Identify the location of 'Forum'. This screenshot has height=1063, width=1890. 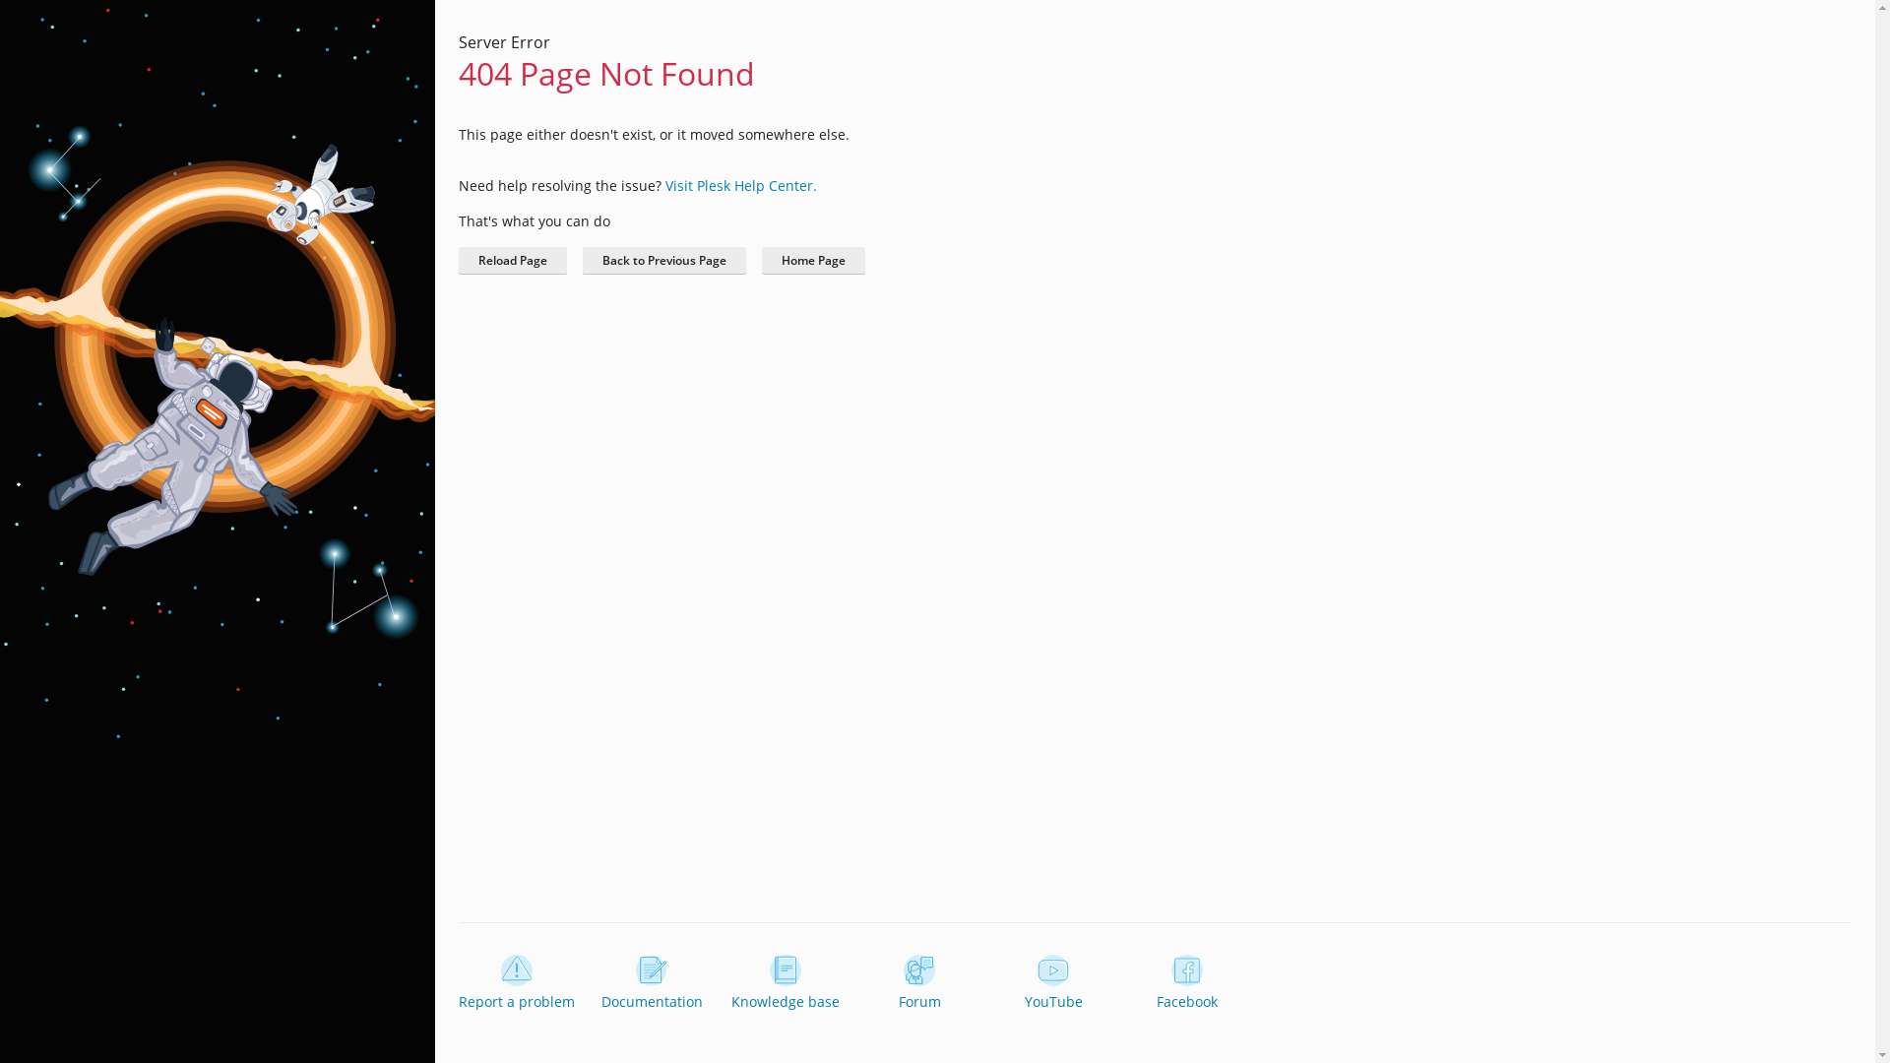
(861, 983).